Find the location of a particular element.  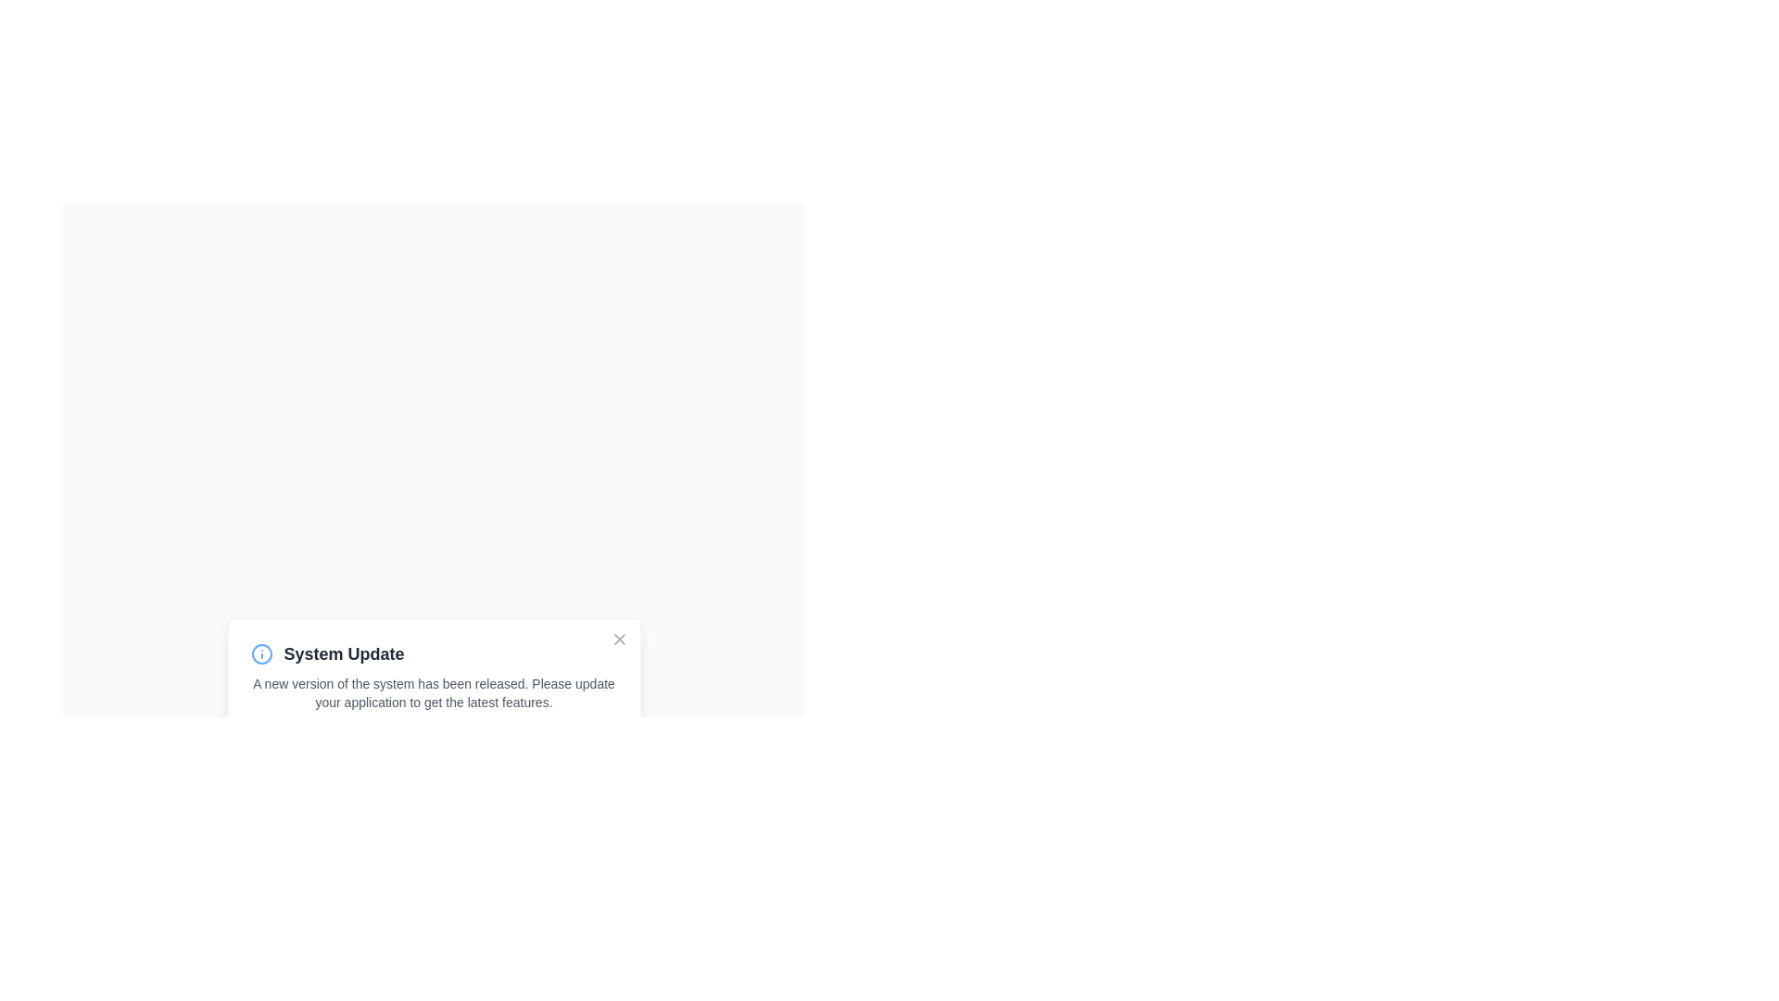

the 'System Update' text label displayed in bold, dark gray color, located to the right of a blue circular icon with an information symbol is located at coordinates (344, 653).